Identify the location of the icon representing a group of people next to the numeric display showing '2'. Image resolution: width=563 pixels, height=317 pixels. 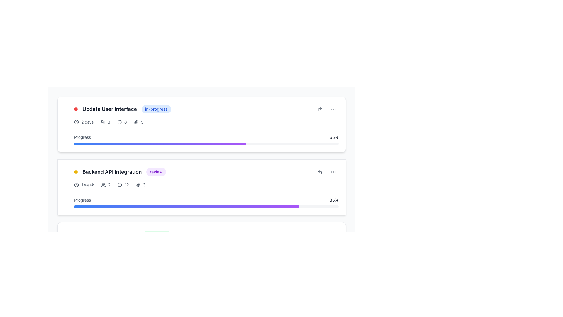
(106, 184).